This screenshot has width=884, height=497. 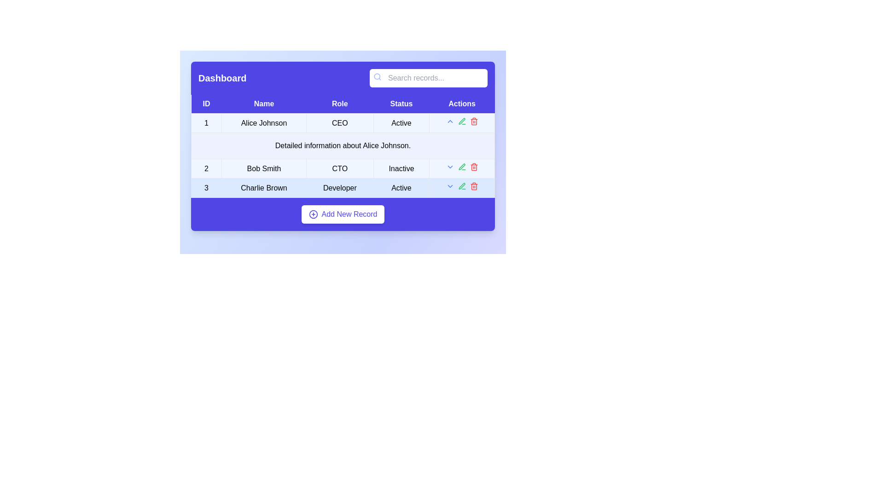 I want to click on the 'Status' header label in the blue background header row, which is the fourth item in the row, following 'Role' and preceding 'Actions.', so click(x=401, y=104).